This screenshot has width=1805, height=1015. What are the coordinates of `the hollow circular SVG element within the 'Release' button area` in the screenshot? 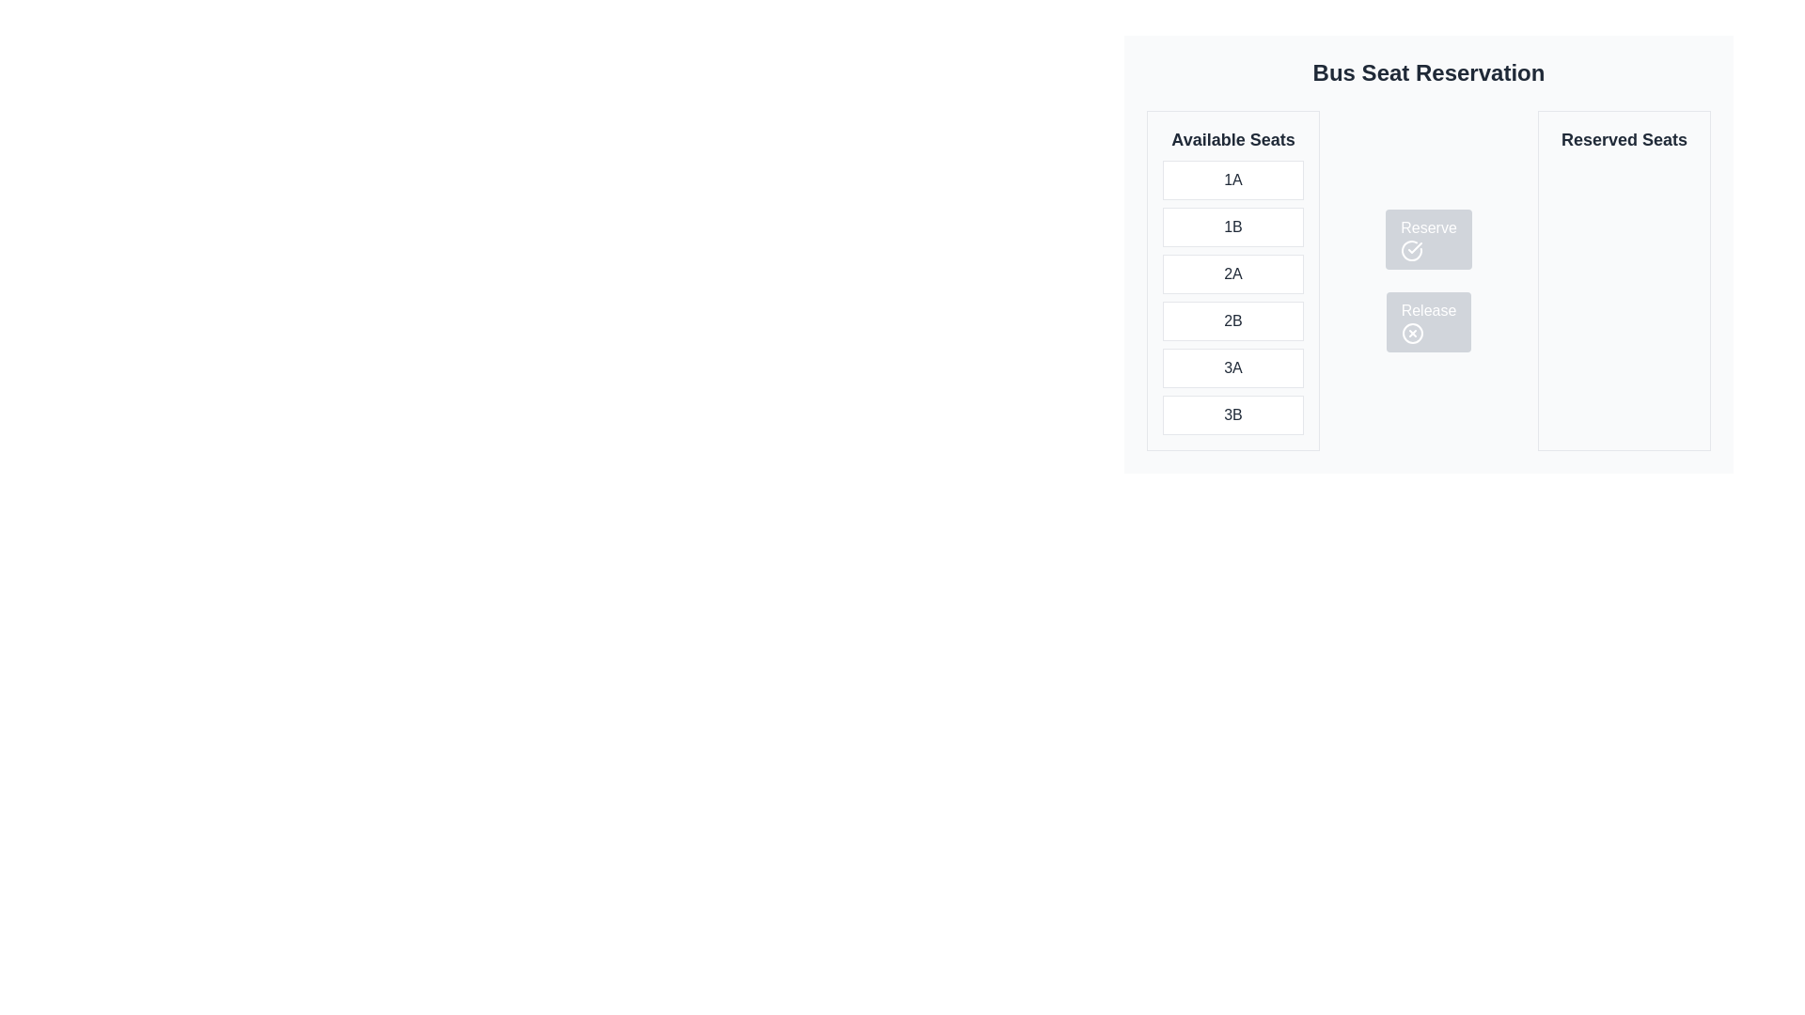 It's located at (1412, 332).